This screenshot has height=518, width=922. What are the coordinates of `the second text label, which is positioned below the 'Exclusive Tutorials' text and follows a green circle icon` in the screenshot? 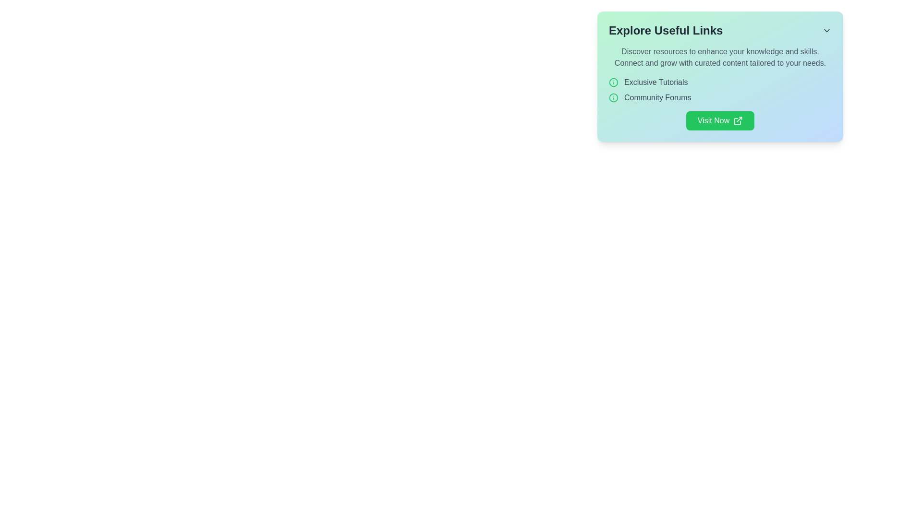 It's located at (657, 98).